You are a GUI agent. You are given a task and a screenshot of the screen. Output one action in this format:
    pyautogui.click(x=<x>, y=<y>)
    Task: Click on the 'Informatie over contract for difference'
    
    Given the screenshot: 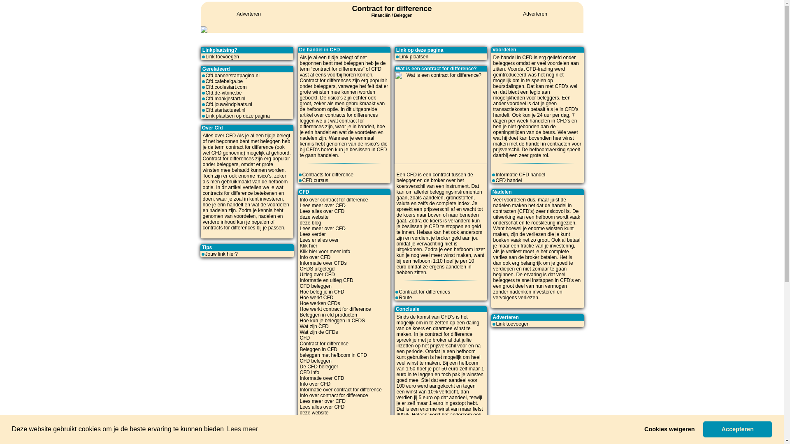 What is the action you would take?
    pyautogui.click(x=299, y=389)
    